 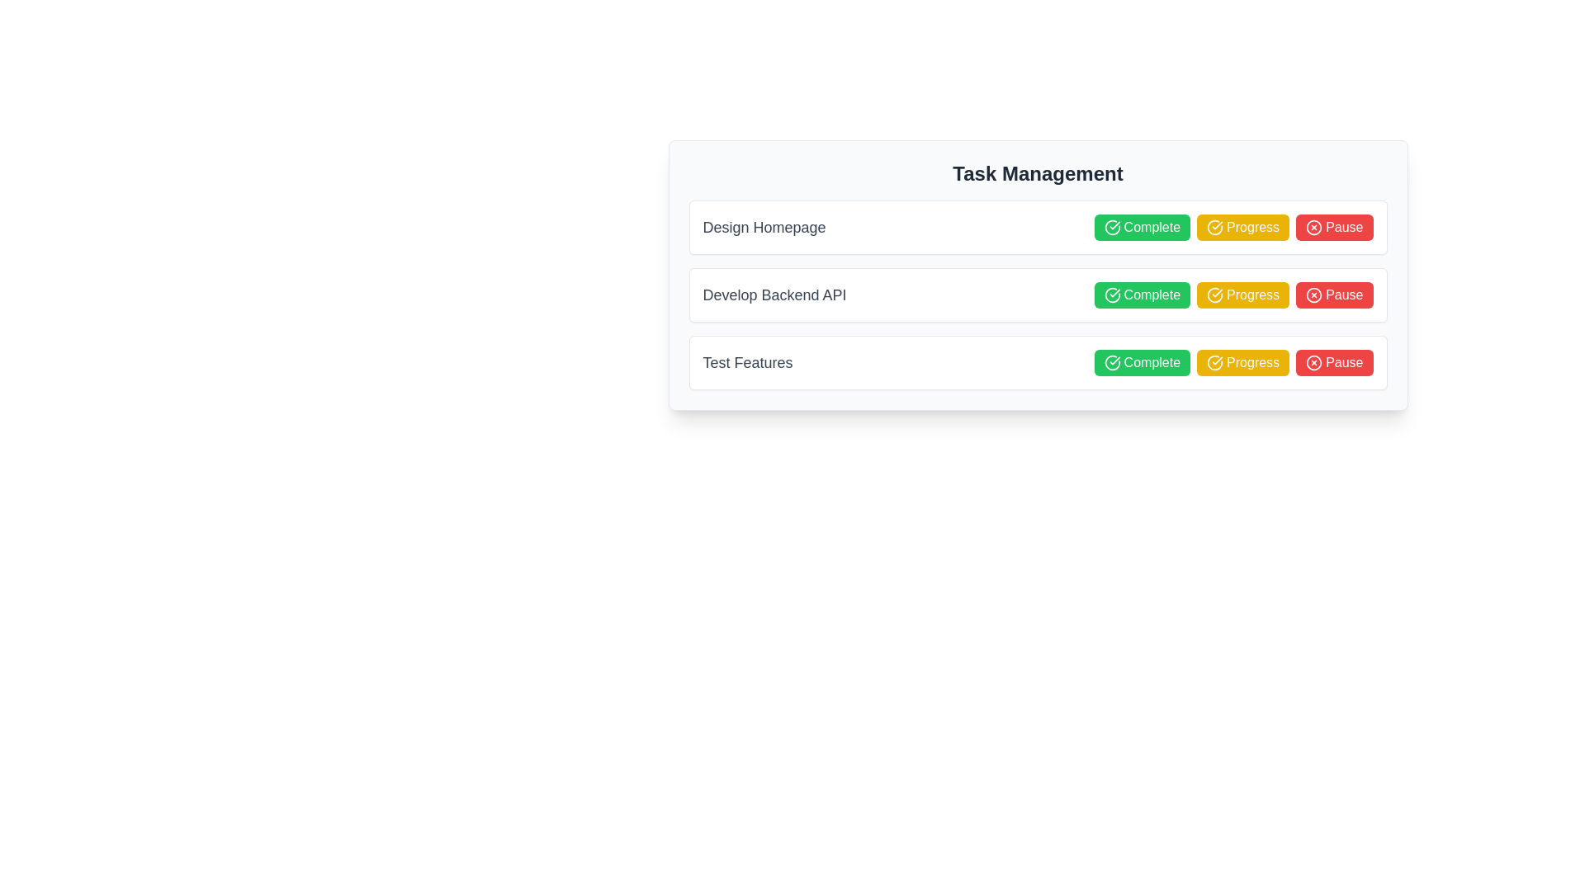 I want to click on the 'Progress' button, the middle button in a row of three buttons labeled 'Complete', 'Progress', and 'Pause', so click(x=1233, y=228).